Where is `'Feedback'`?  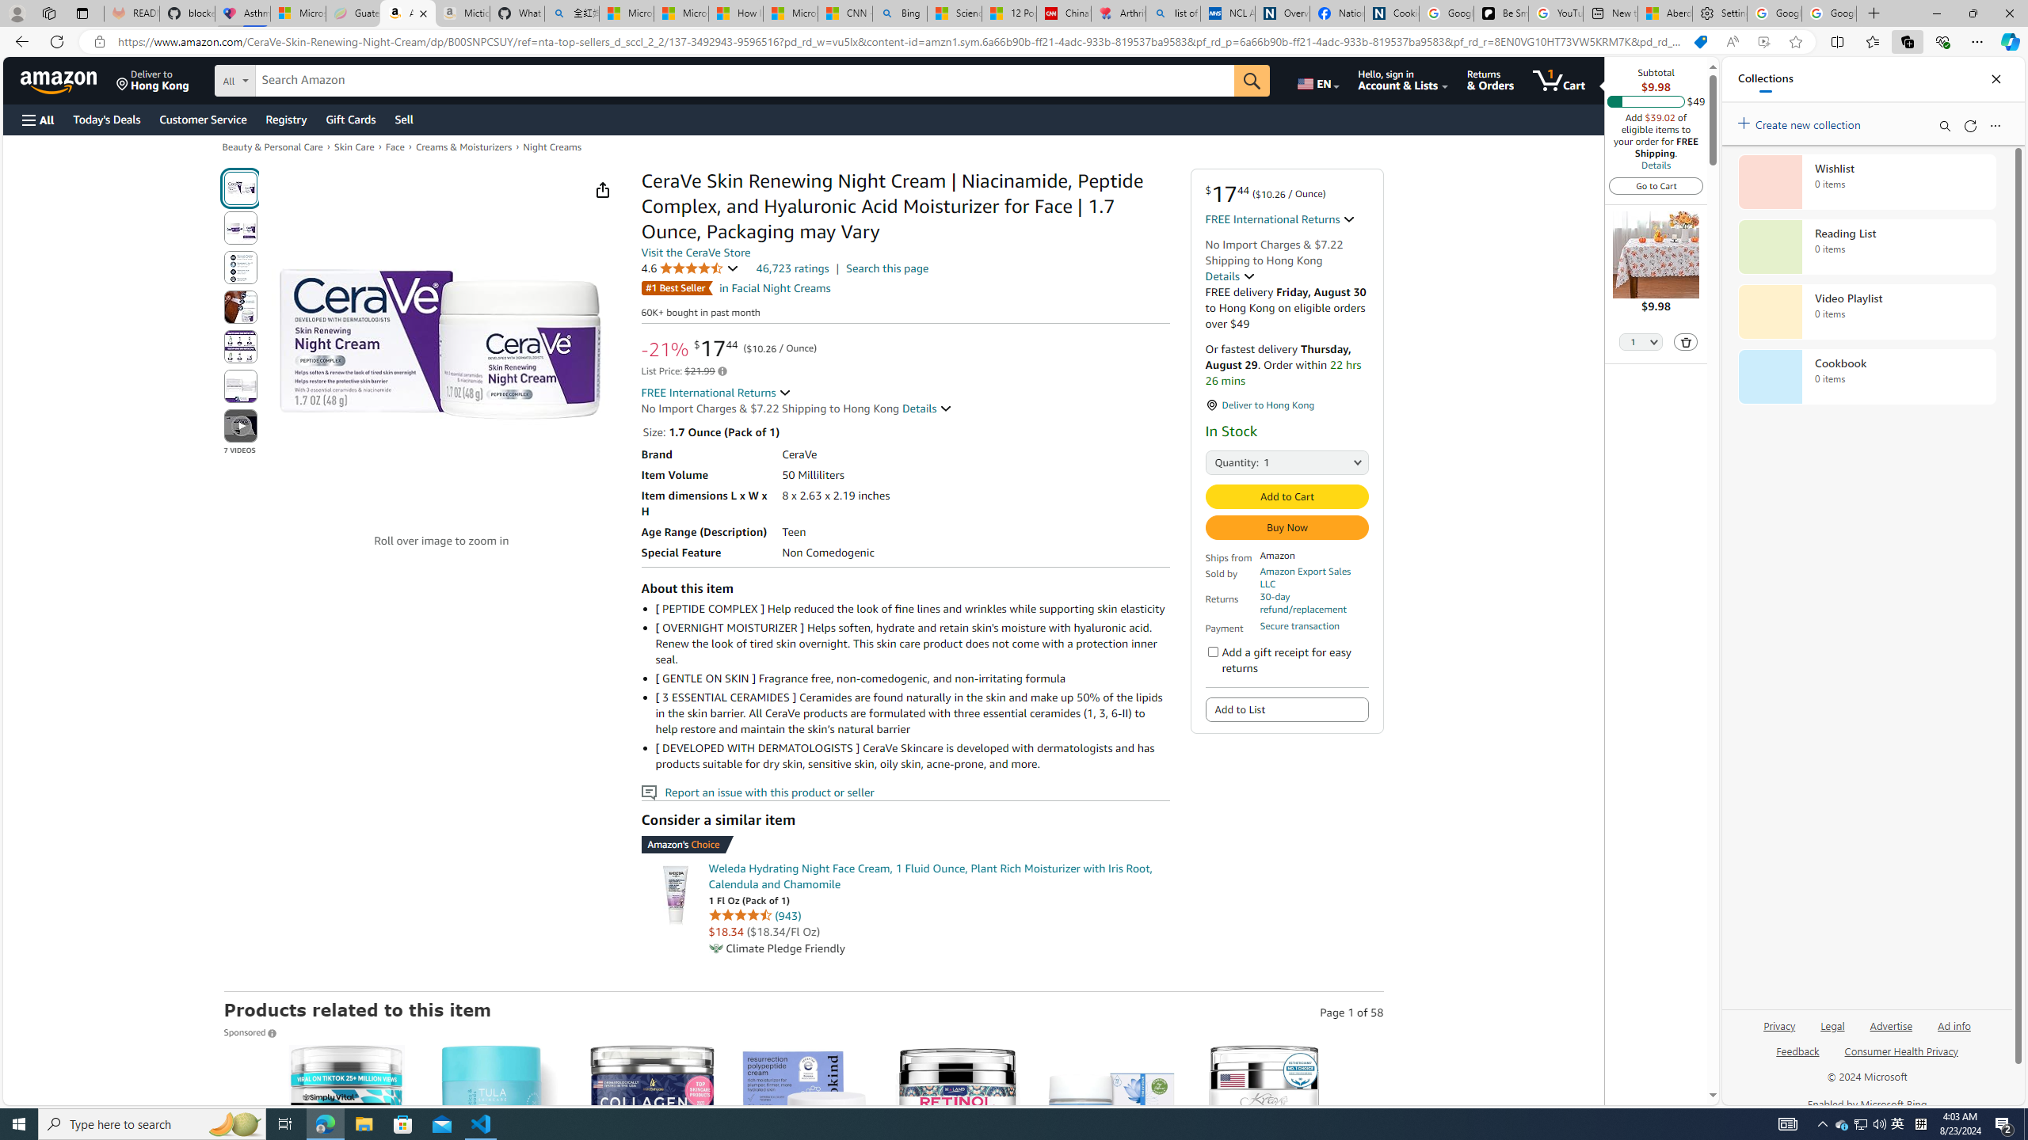
'Feedback' is located at coordinates (1798, 1056).